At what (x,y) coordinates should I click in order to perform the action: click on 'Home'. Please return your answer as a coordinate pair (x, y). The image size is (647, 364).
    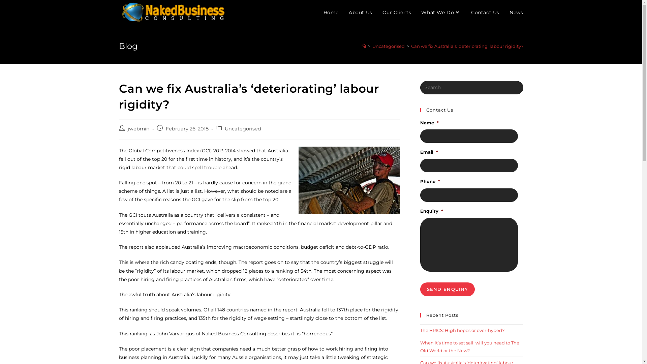
    Looking at the image, I should click on (331, 12).